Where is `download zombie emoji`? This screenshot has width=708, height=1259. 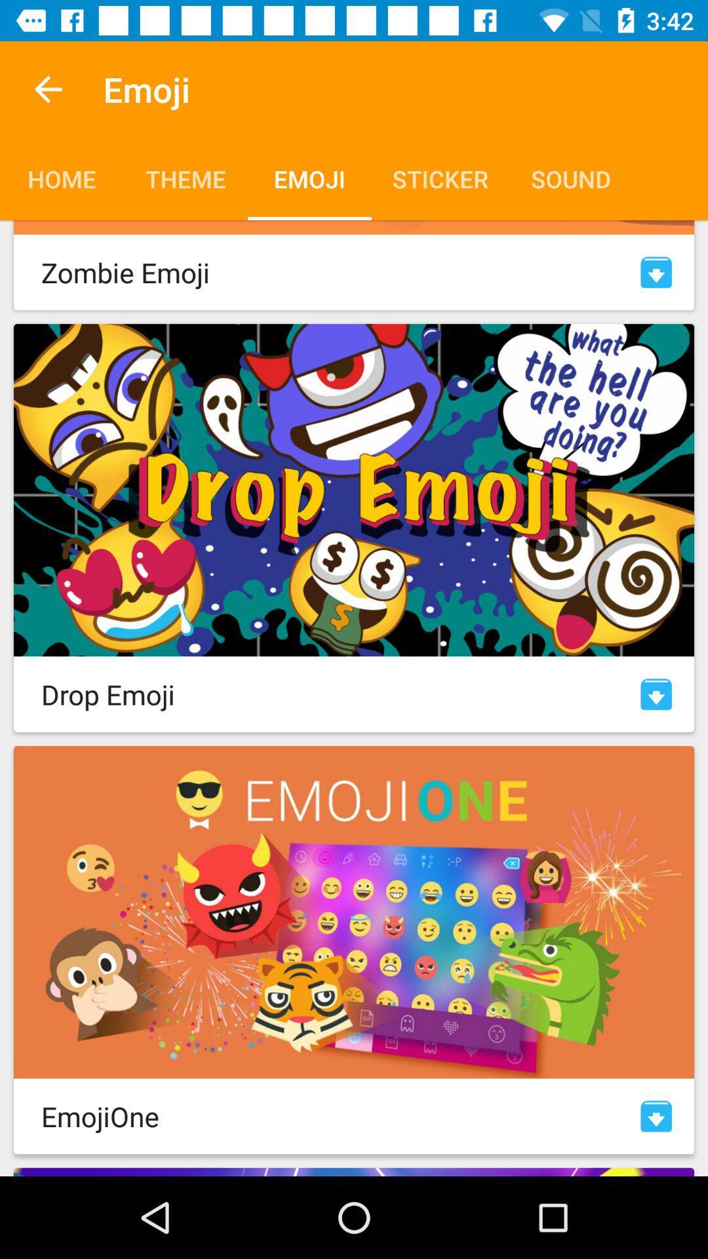
download zombie emoji is located at coordinates (656, 271).